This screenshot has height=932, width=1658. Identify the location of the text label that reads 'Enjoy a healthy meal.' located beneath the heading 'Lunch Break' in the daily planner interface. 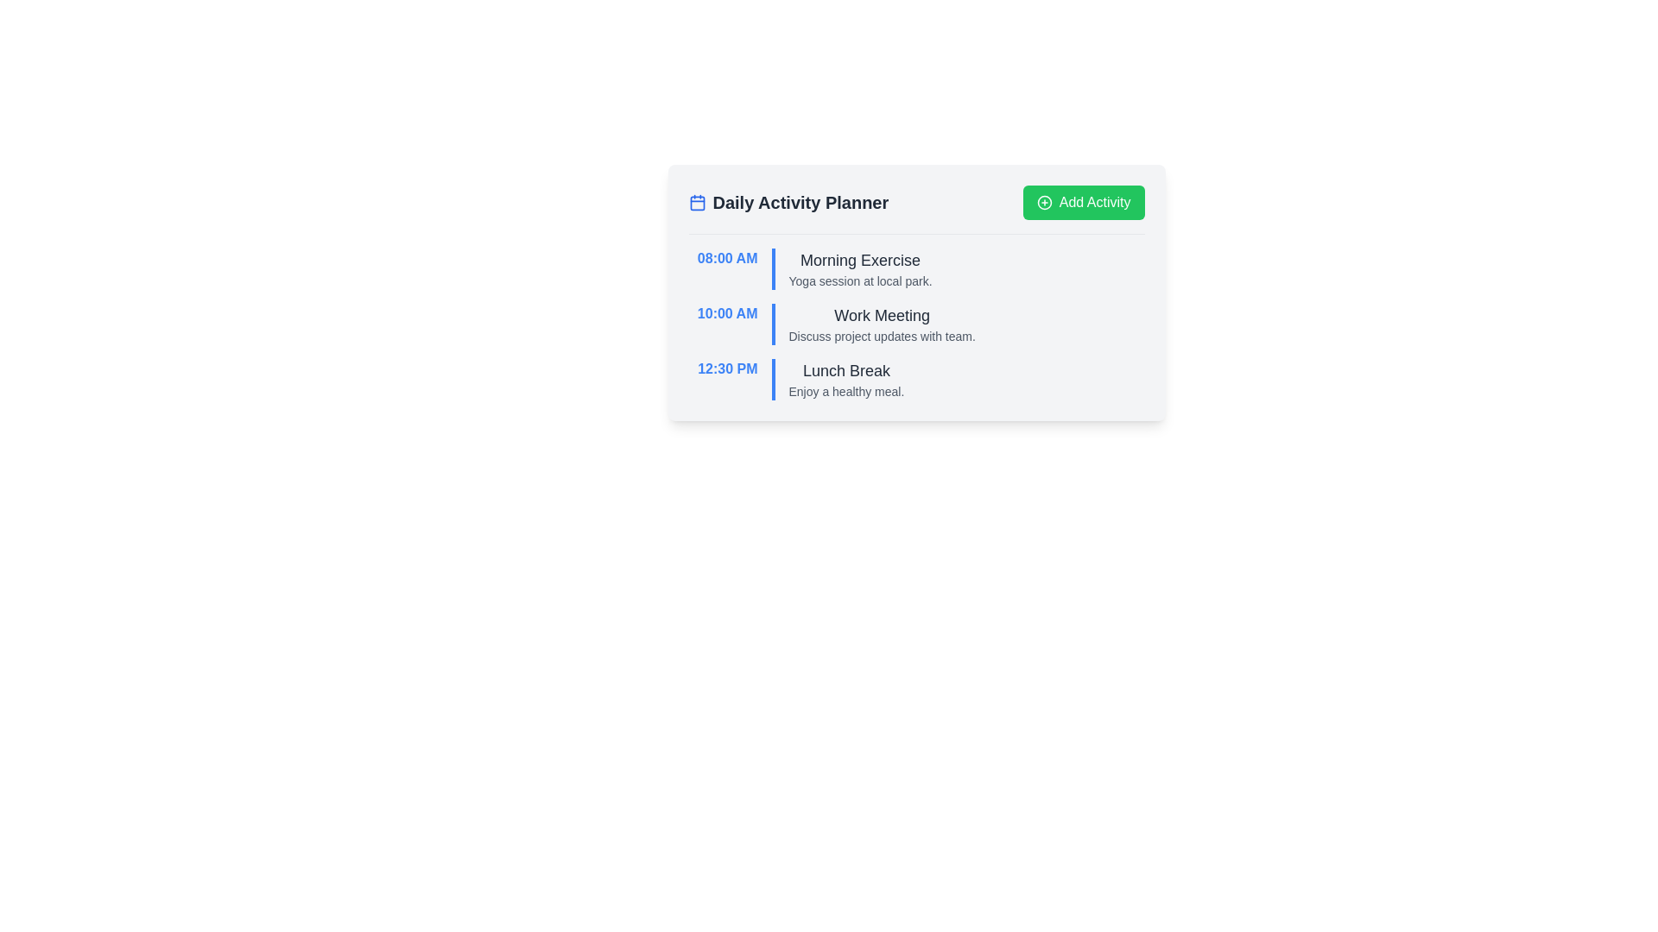
(846, 392).